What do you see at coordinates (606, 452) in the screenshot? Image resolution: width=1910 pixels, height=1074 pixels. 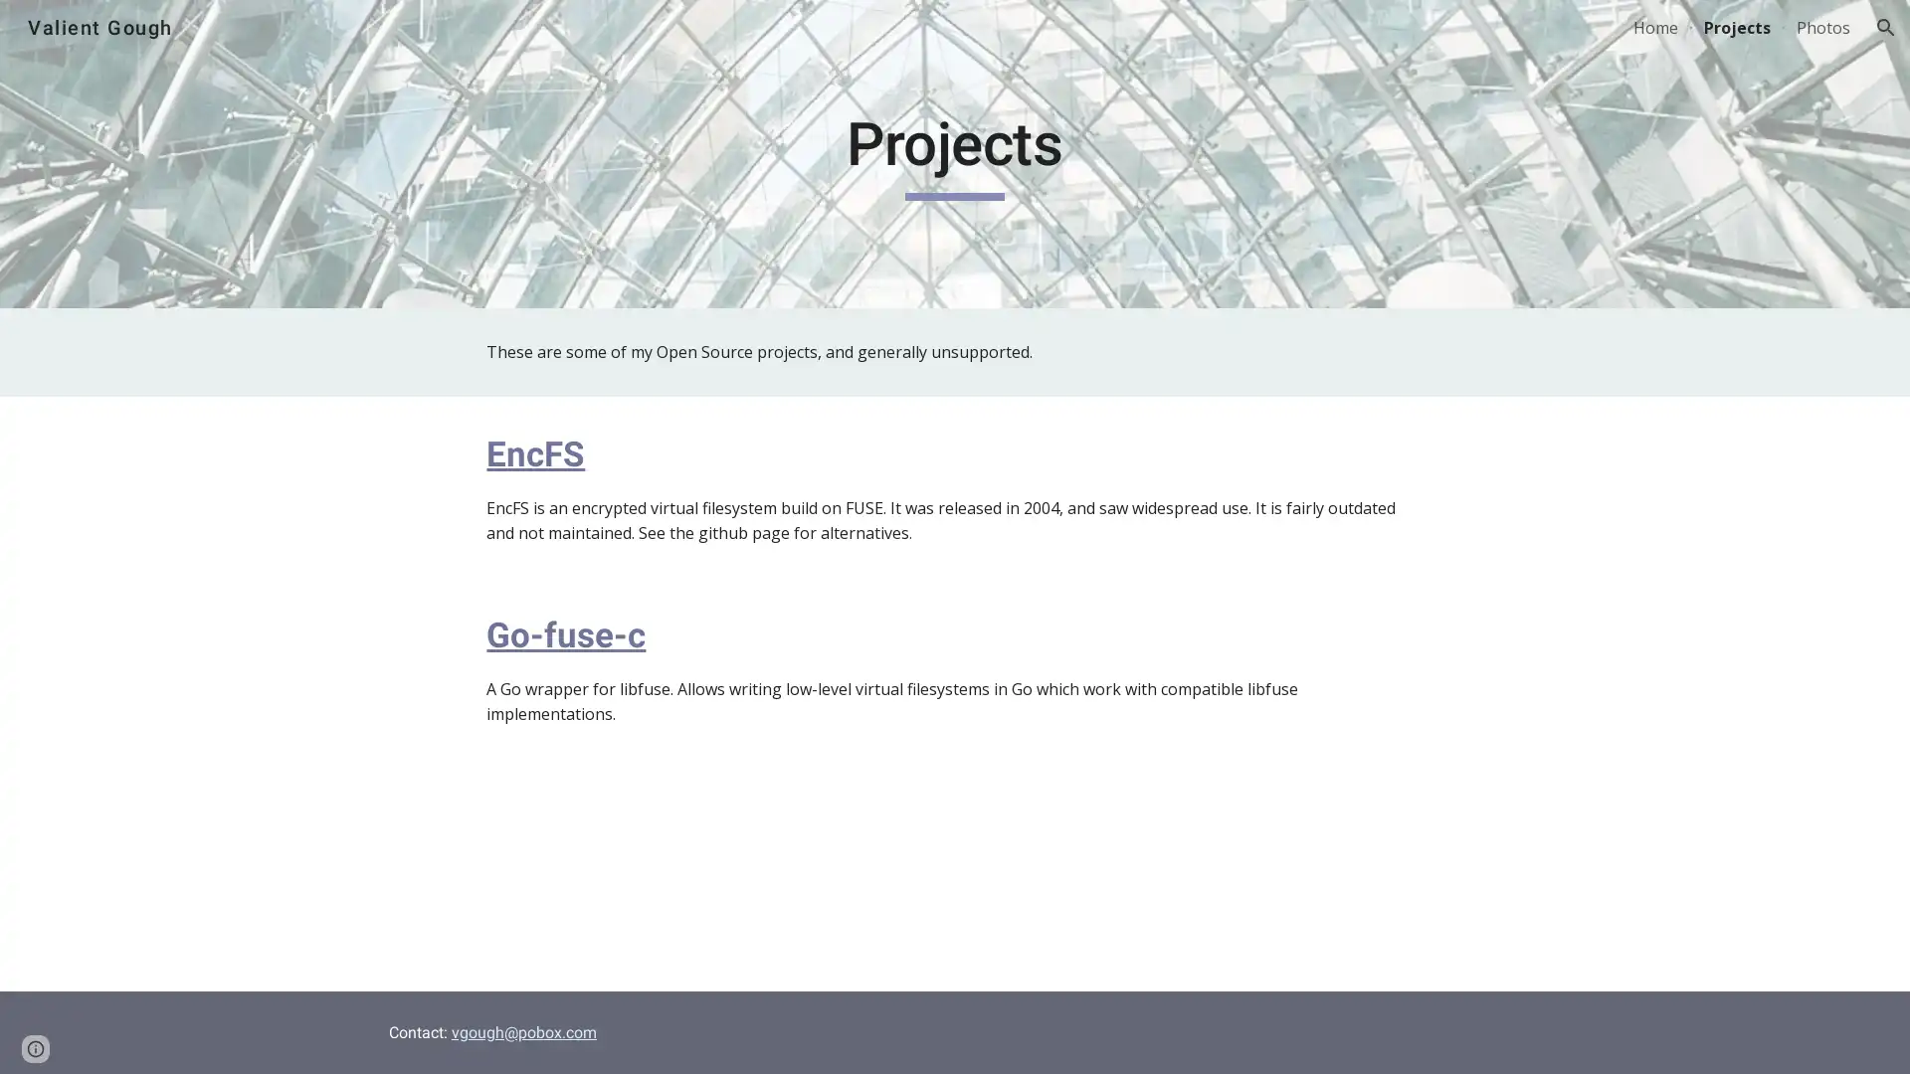 I see `Copy heading link` at bounding box center [606, 452].